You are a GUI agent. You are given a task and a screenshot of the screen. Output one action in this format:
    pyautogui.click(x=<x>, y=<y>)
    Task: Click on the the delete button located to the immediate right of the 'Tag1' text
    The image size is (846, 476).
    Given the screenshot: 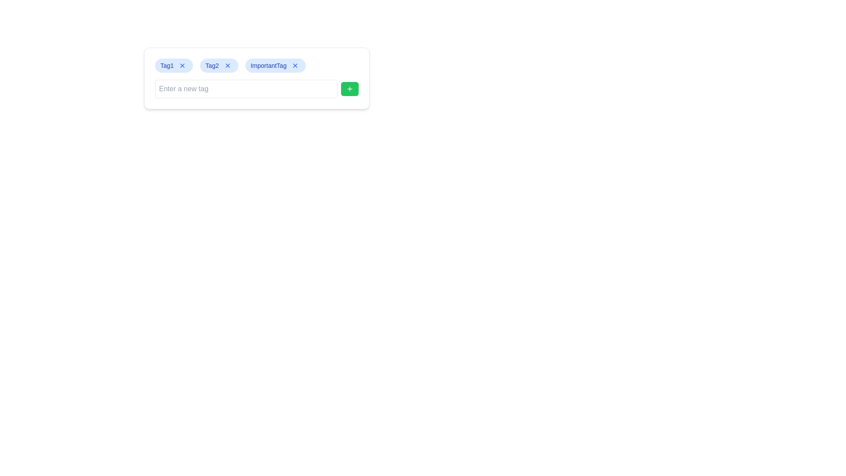 What is the action you would take?
    pyautogui.click(x=182, y=65)
    